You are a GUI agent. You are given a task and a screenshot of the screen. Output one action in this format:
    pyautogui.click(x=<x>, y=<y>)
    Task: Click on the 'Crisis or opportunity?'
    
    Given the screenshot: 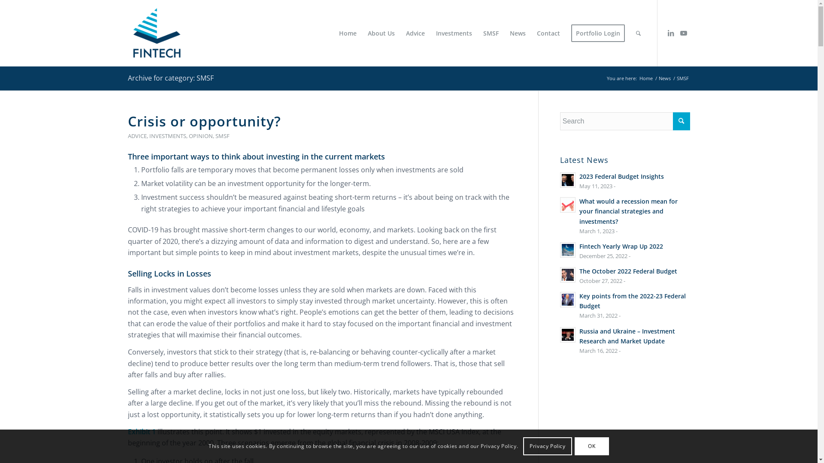 What is the action you would take?
    pyautogui.click(x=204, y=121)
    